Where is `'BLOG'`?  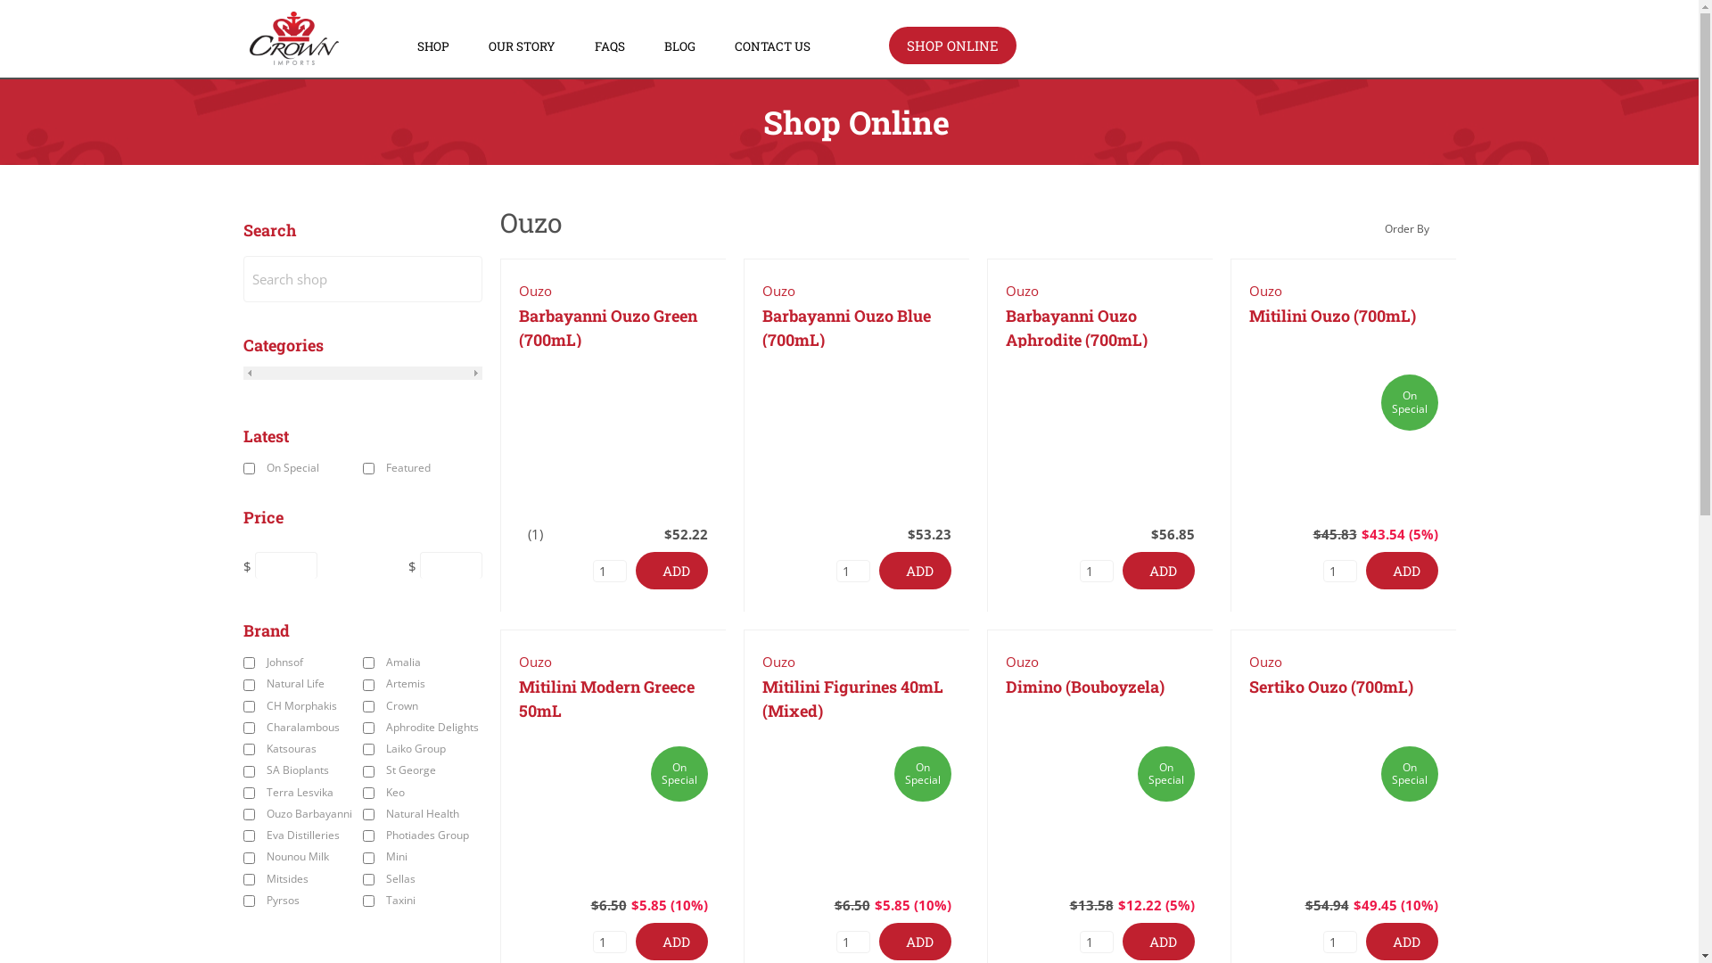
'BLOG' is located at coordinates (663, 45).